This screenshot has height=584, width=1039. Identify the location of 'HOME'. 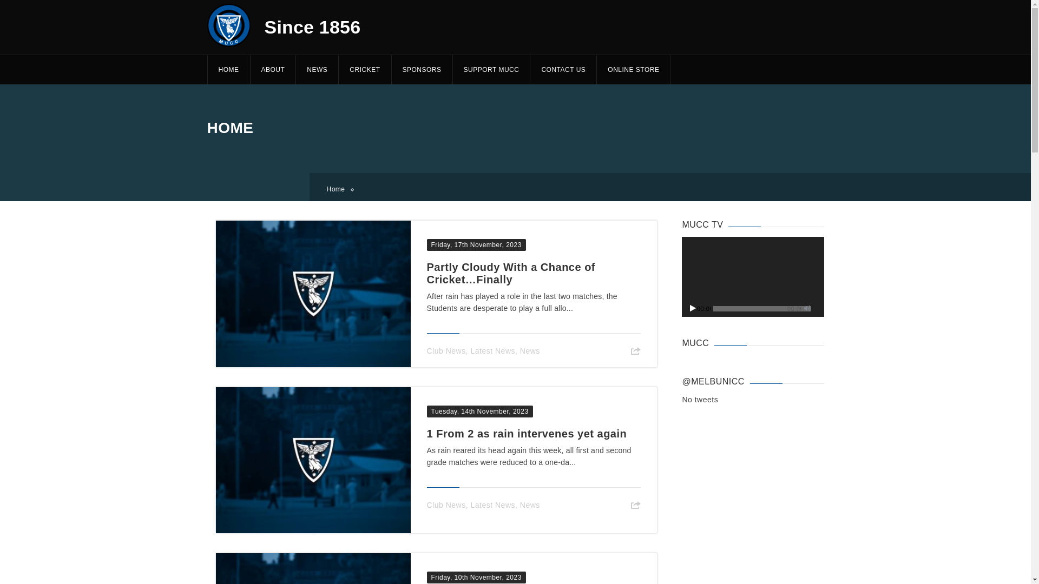
(207, 69).